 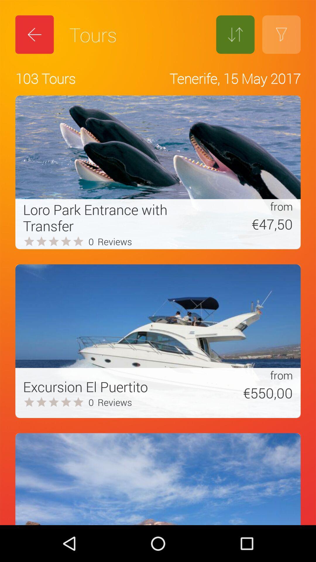 I want to click on the item to the right of the excursion el puertito item, so click(x=244, y=393).